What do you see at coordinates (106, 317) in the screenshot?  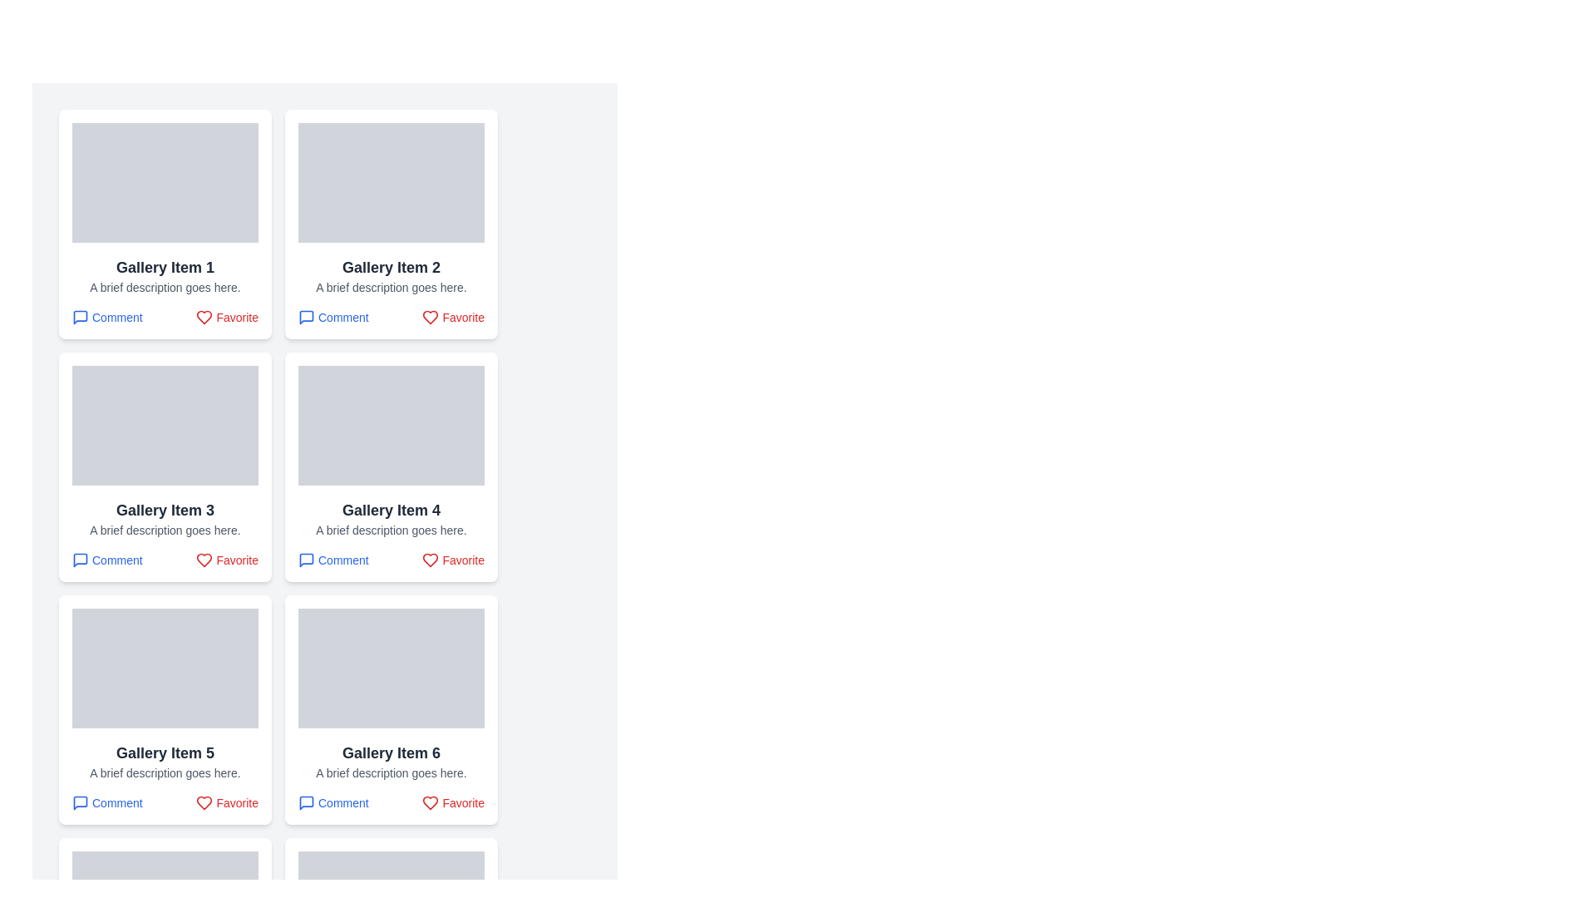 I see `the 'Comment' hyperlink with a speech bubble icon` at bounding box center [106, 317].